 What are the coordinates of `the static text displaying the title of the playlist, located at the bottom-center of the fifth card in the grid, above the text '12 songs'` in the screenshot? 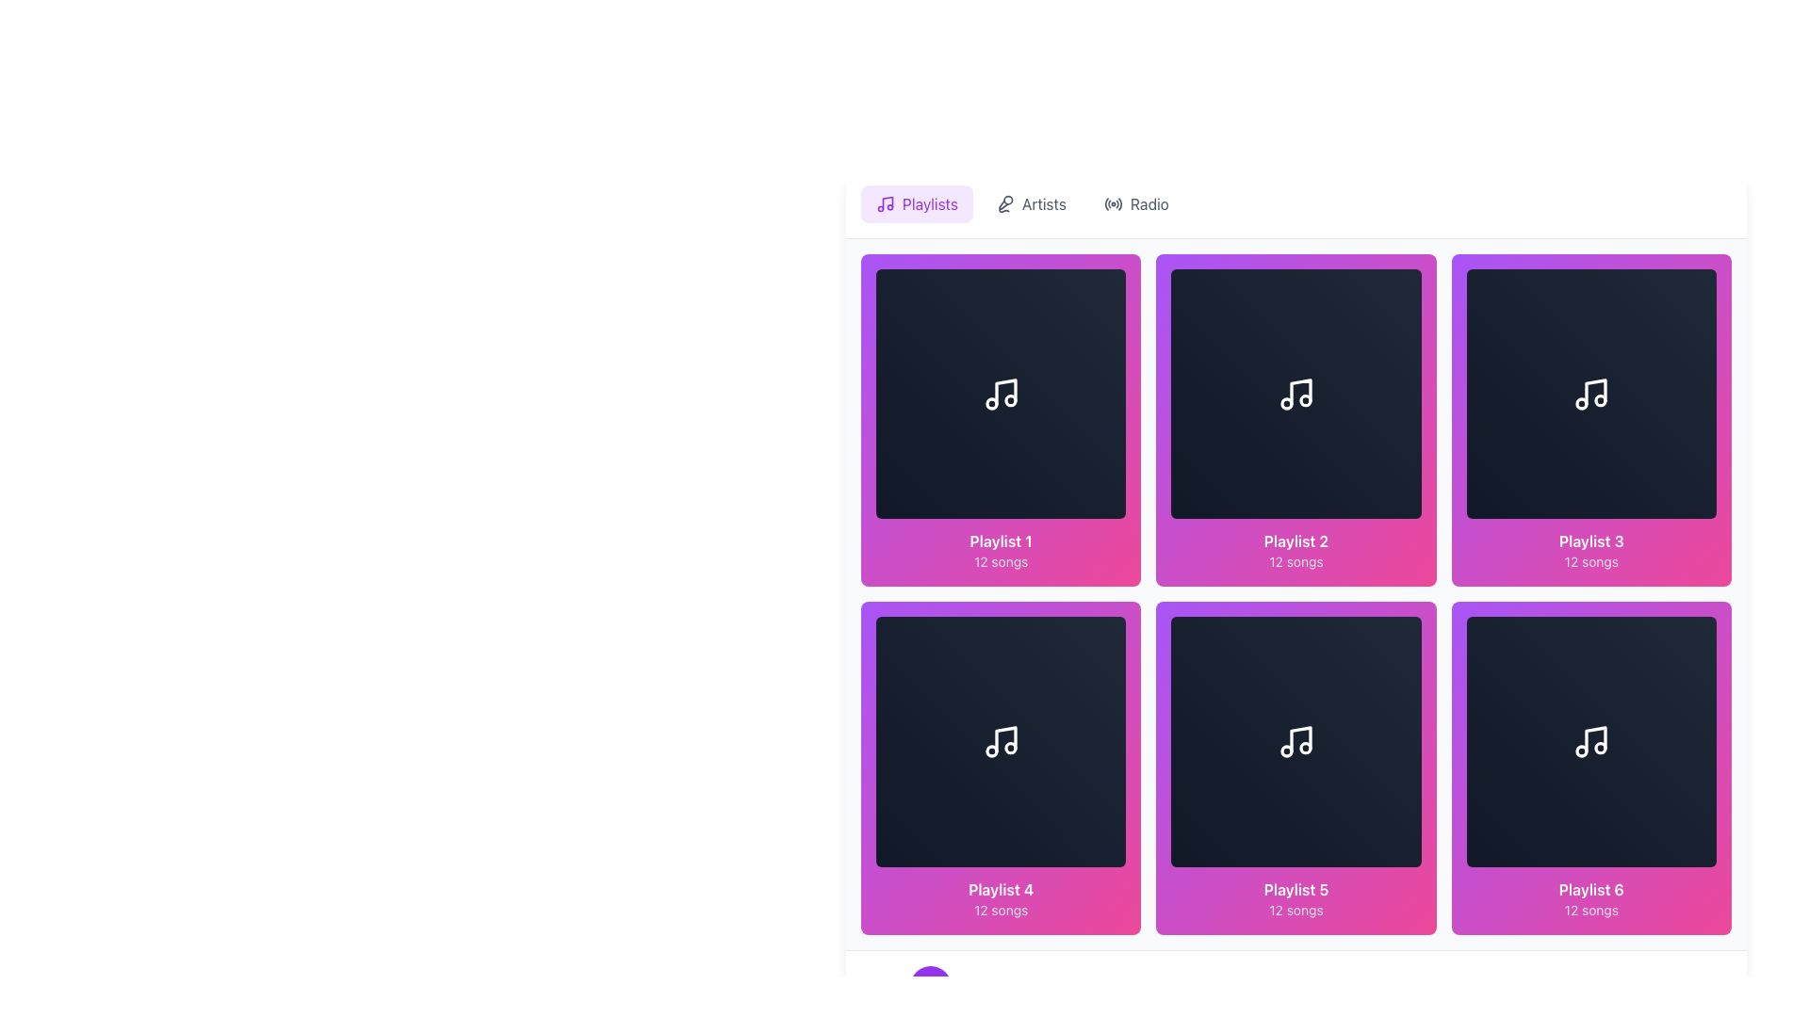 It's located at (1296, 889).